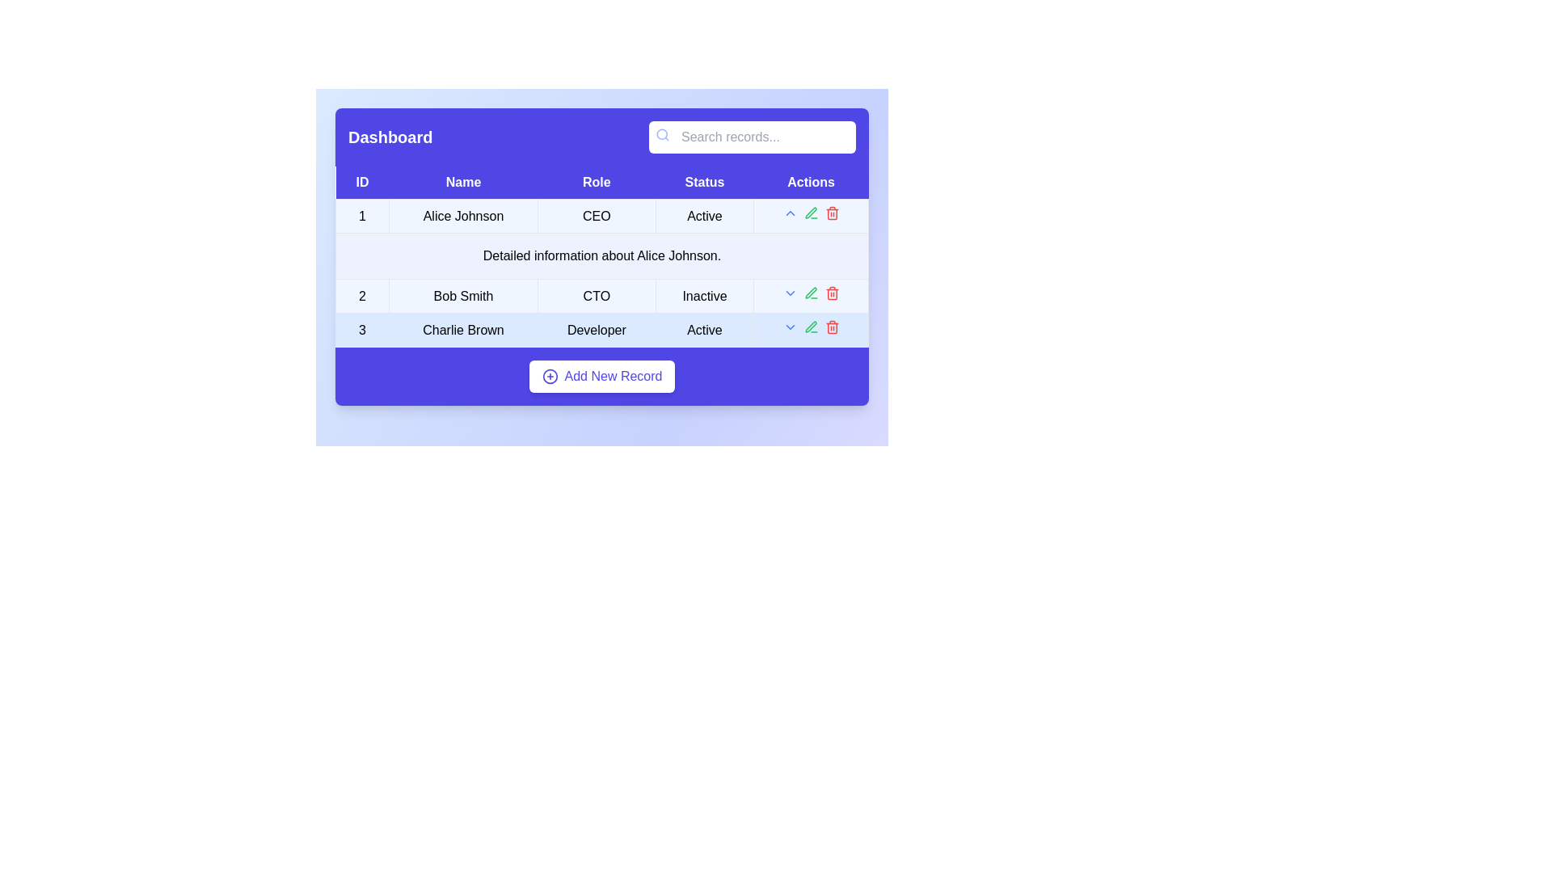 This screenshot has width=1552, height=873. What do you see at coordinates (596, 215) in the screenshot?
I see `the static text element that represents the job title in the first row of the data table, located in the third cell under the 'Role' column adjacent to 'Alice Johnson' and 'Active'` at bounding box center [596, 215].